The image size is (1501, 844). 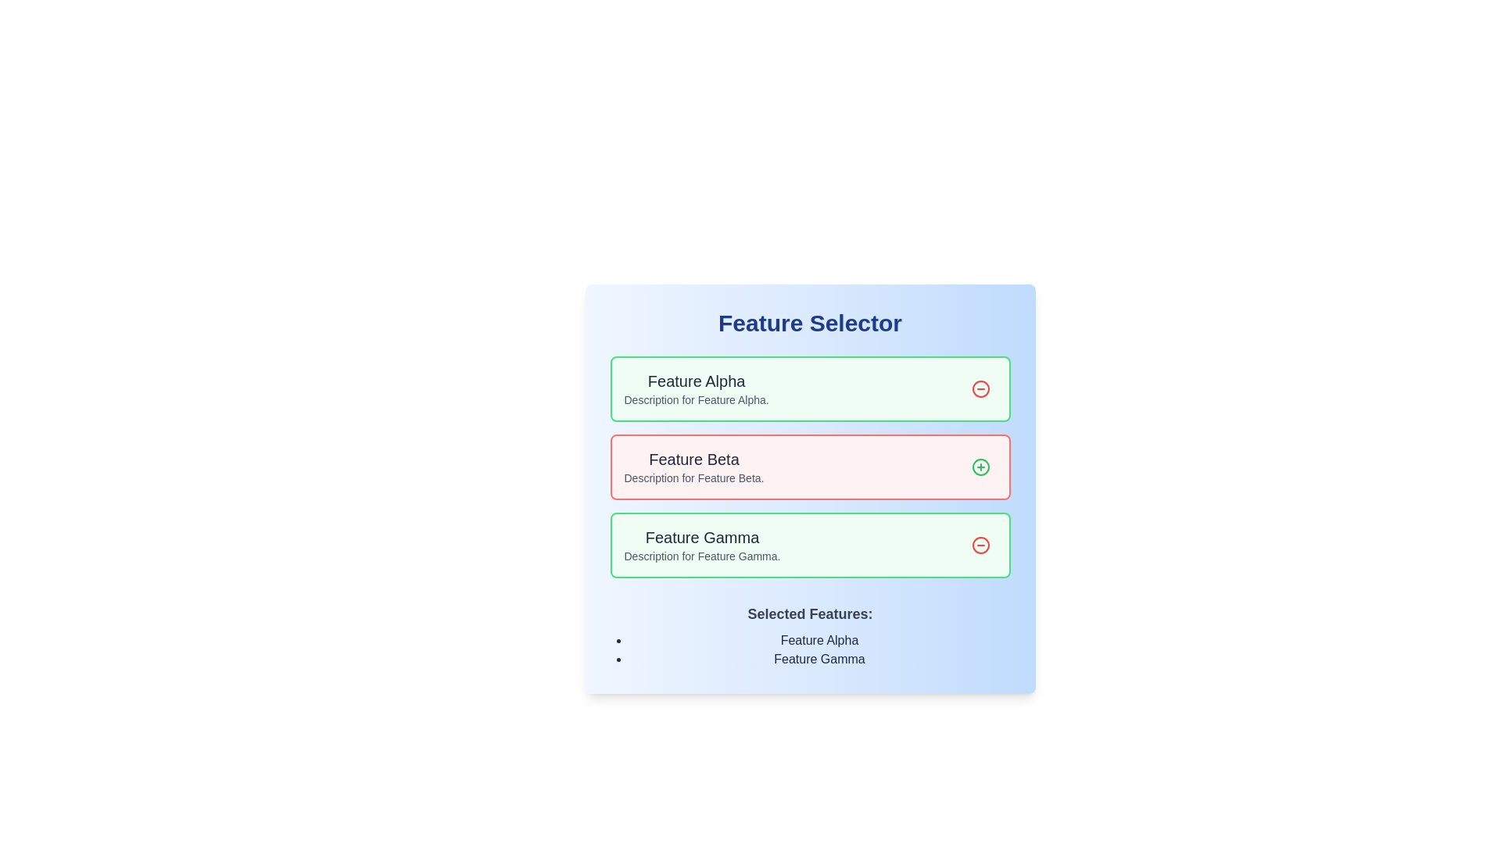 What do you see at coordinates (980, 466) in the screenshot?
I see `the decorative graphical symbol centered within the 'Feature Beta' card button, indicating an action like adding or selecting` at bounding box center [980, 466].